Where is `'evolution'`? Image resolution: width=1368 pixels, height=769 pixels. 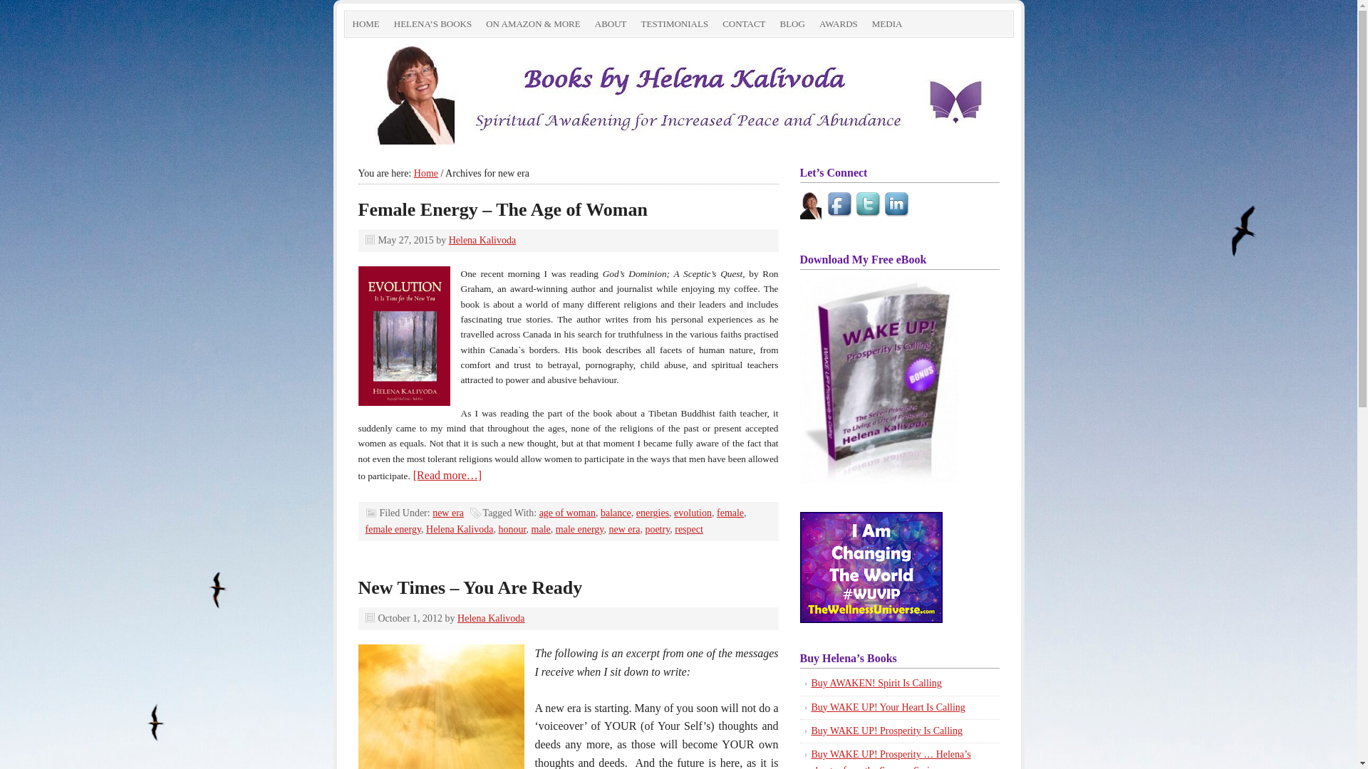 'evolution' is located at coordinates (673, 513).